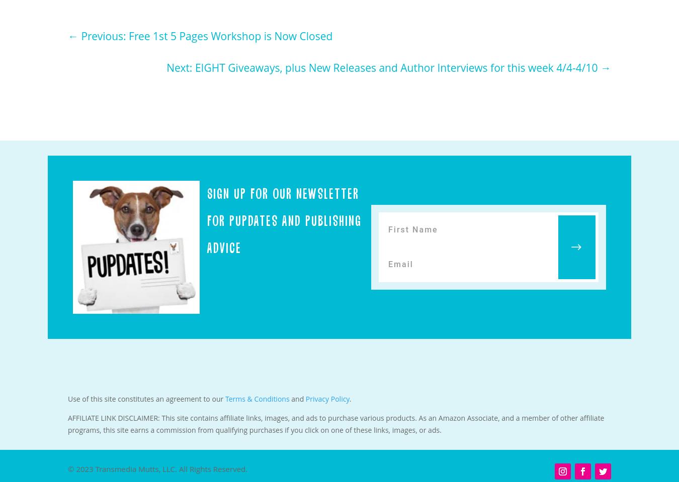 Image resolution: width=679 pixels, height=482 pixels. Describe the element at coordinates (289, 399) in the screenshot. I see `'and'` at that location.